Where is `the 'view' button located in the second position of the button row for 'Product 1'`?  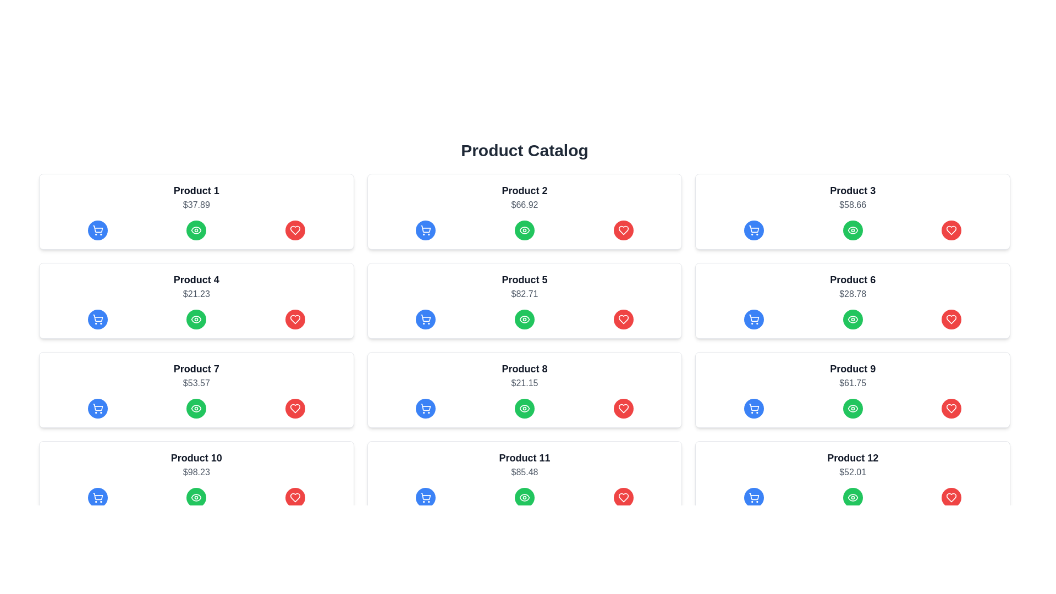
the 'view' button located in the second position of the button row for 'Product 1' is located at coordinates (196, 230).